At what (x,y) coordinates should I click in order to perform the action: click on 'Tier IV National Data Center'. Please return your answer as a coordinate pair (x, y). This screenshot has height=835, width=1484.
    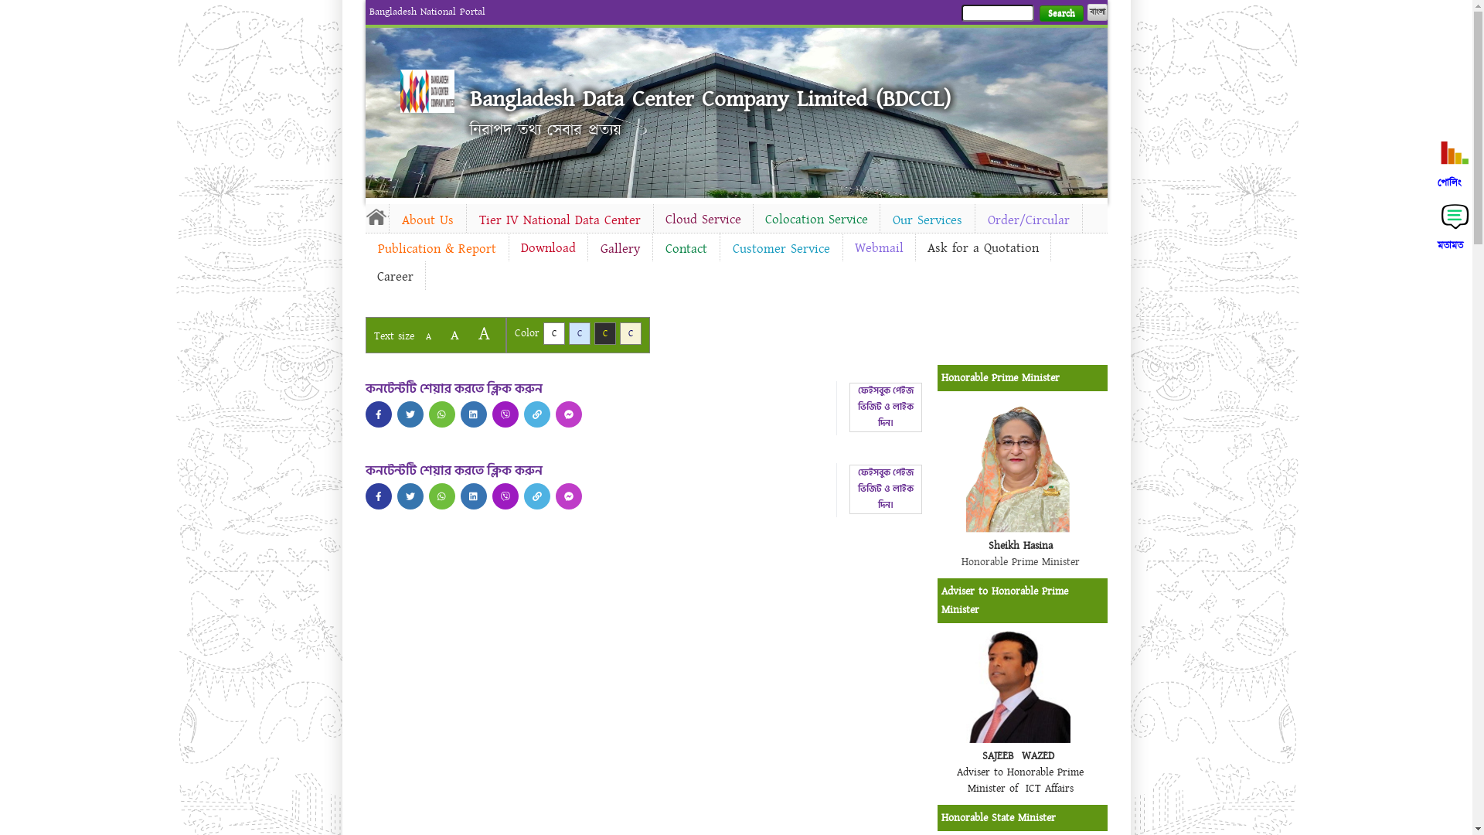
    Looking at the image, I should click on (559, 220).